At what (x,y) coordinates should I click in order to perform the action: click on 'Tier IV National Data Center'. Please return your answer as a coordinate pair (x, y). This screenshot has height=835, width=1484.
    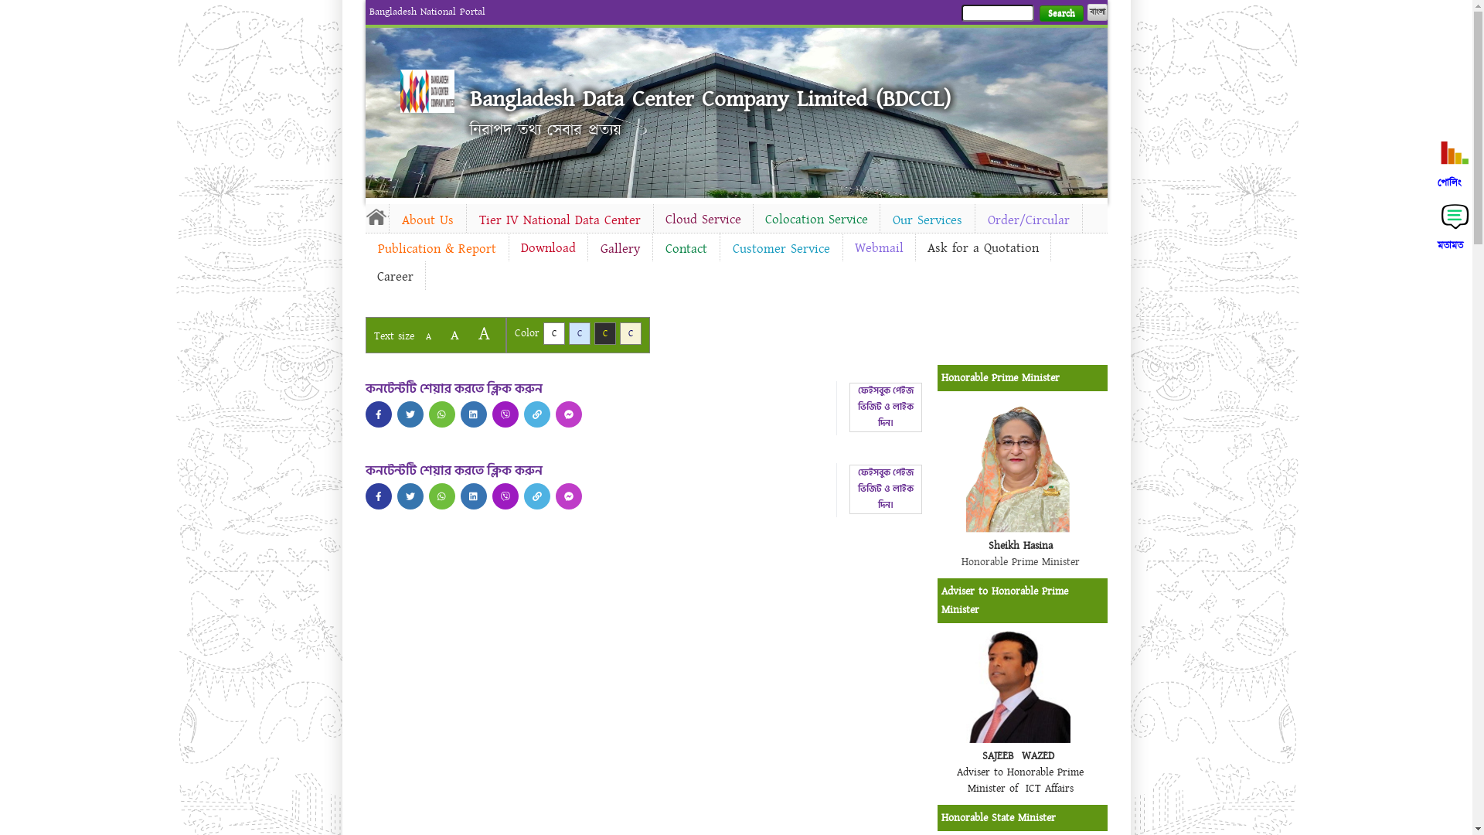
    Looking at the image, I should click on (559, 220).